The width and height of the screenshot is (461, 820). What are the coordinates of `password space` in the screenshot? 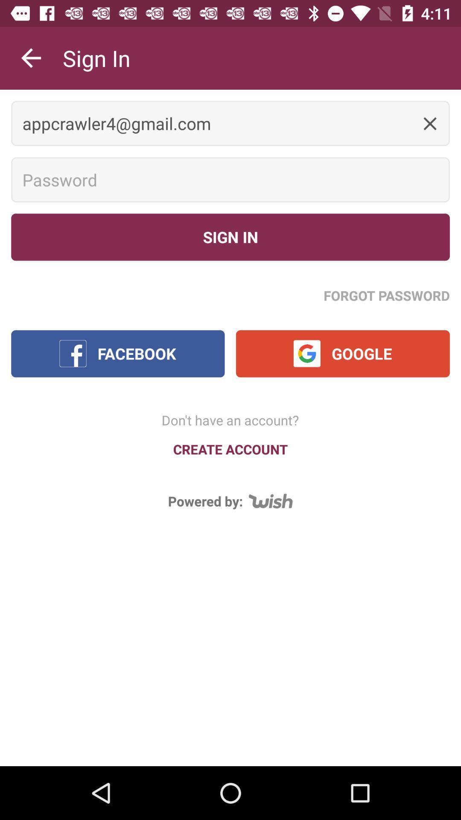 It's located at (230, 179).